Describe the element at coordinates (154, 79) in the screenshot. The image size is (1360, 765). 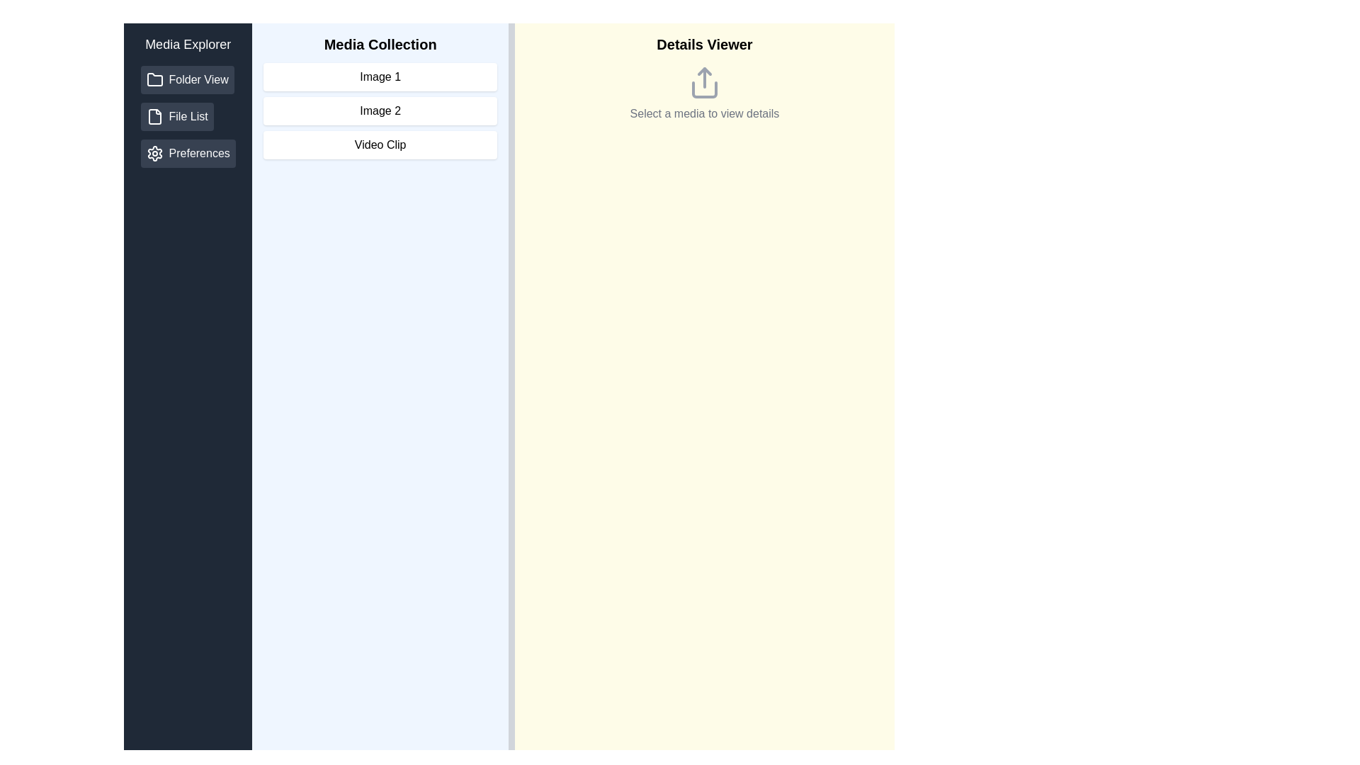
I see `the 'Folder View' icon located at the top of the vertical navigation bar on the left side of the interface` at that location.